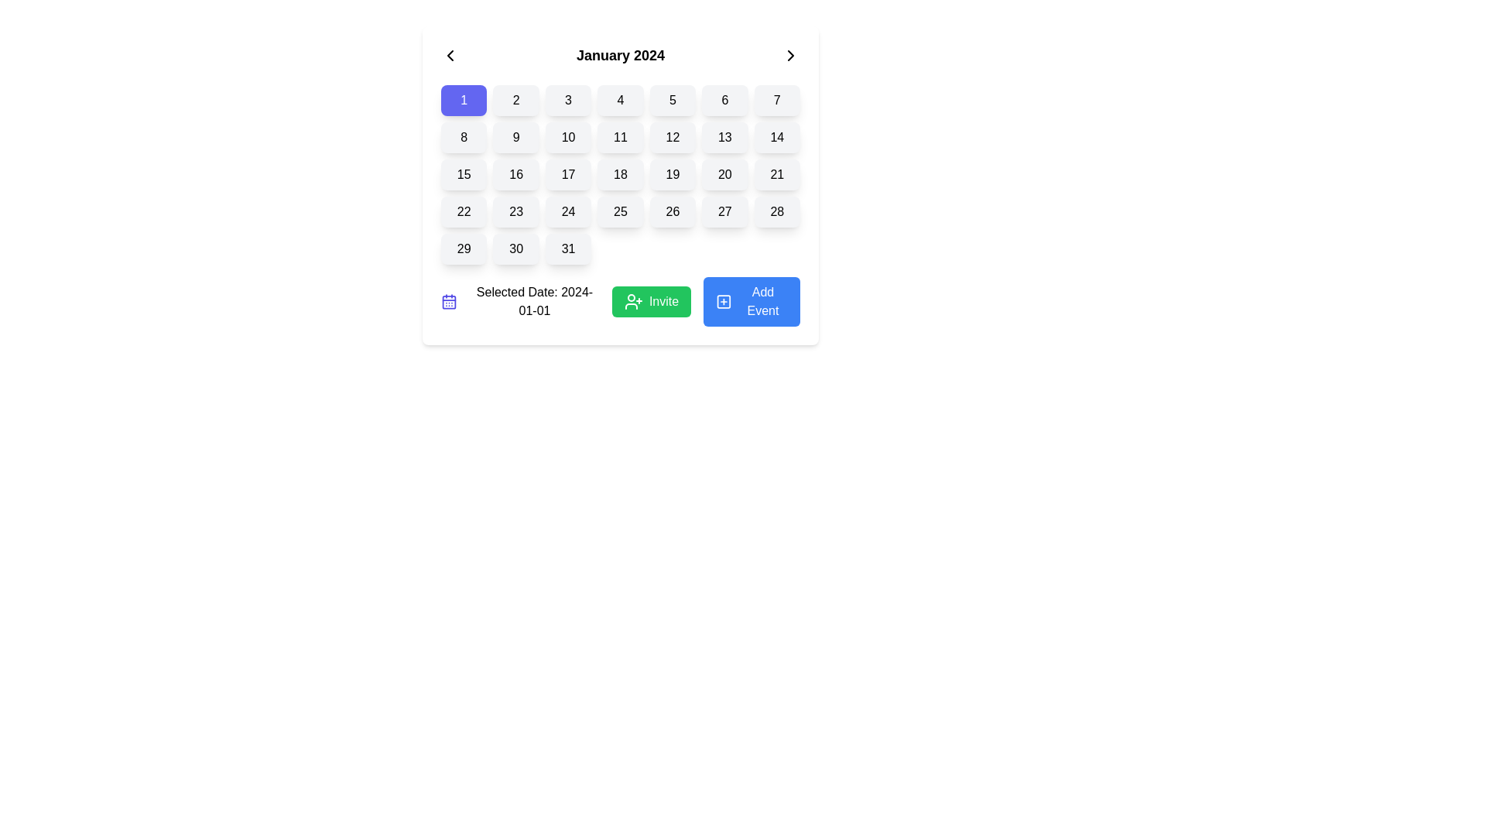 The height and width of the screenshot is (836, 1486). What do you see at coordinates (620, 301) in the screenshot?
I see `the green Invite button located in the horizontal layout near the bottom of the card-like layout presenting the monthly calendar` at bounding box center [620, 301].